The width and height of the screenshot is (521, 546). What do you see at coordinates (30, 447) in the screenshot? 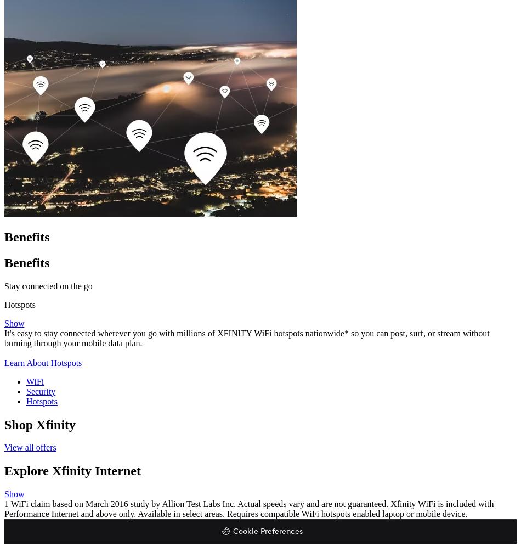
I see `'View all offers'` at bounding box center [30, 447].